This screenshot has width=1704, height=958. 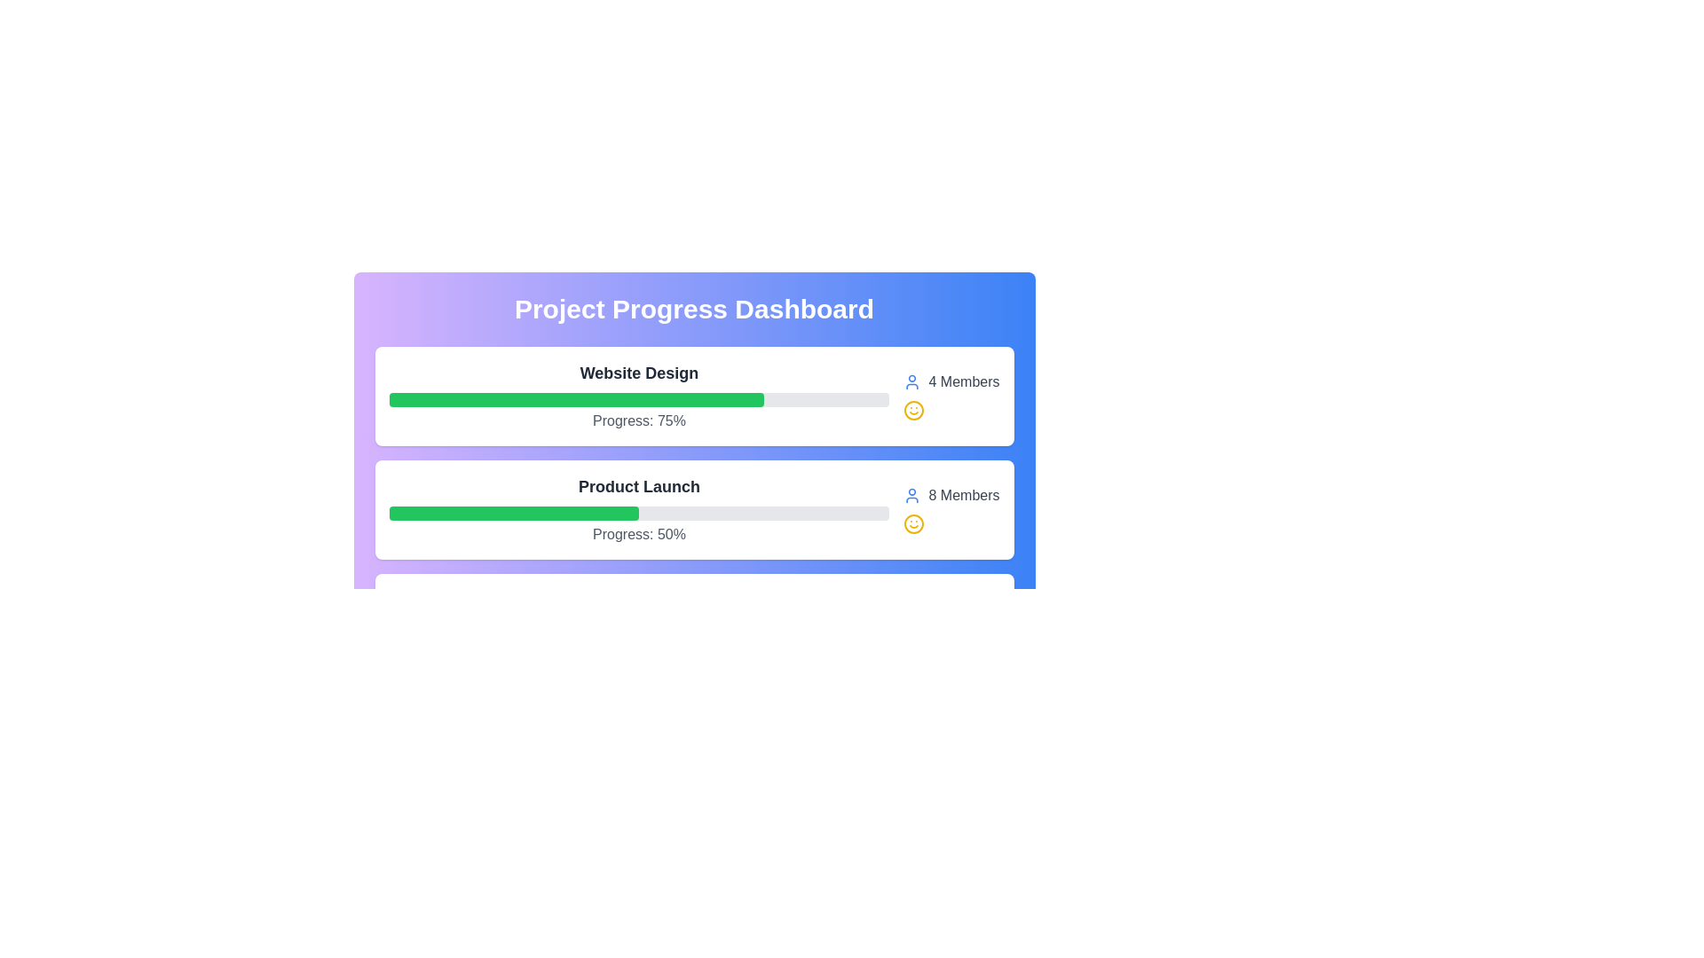 What do you see at coordinates (963, 496) in the screenshot?
I see `the text label displaying '8 Members', which is styled in gray and positioned near the top-right corner of the 'Product Launch' progress section, next to a user icon` at bounding box center [963, 496].